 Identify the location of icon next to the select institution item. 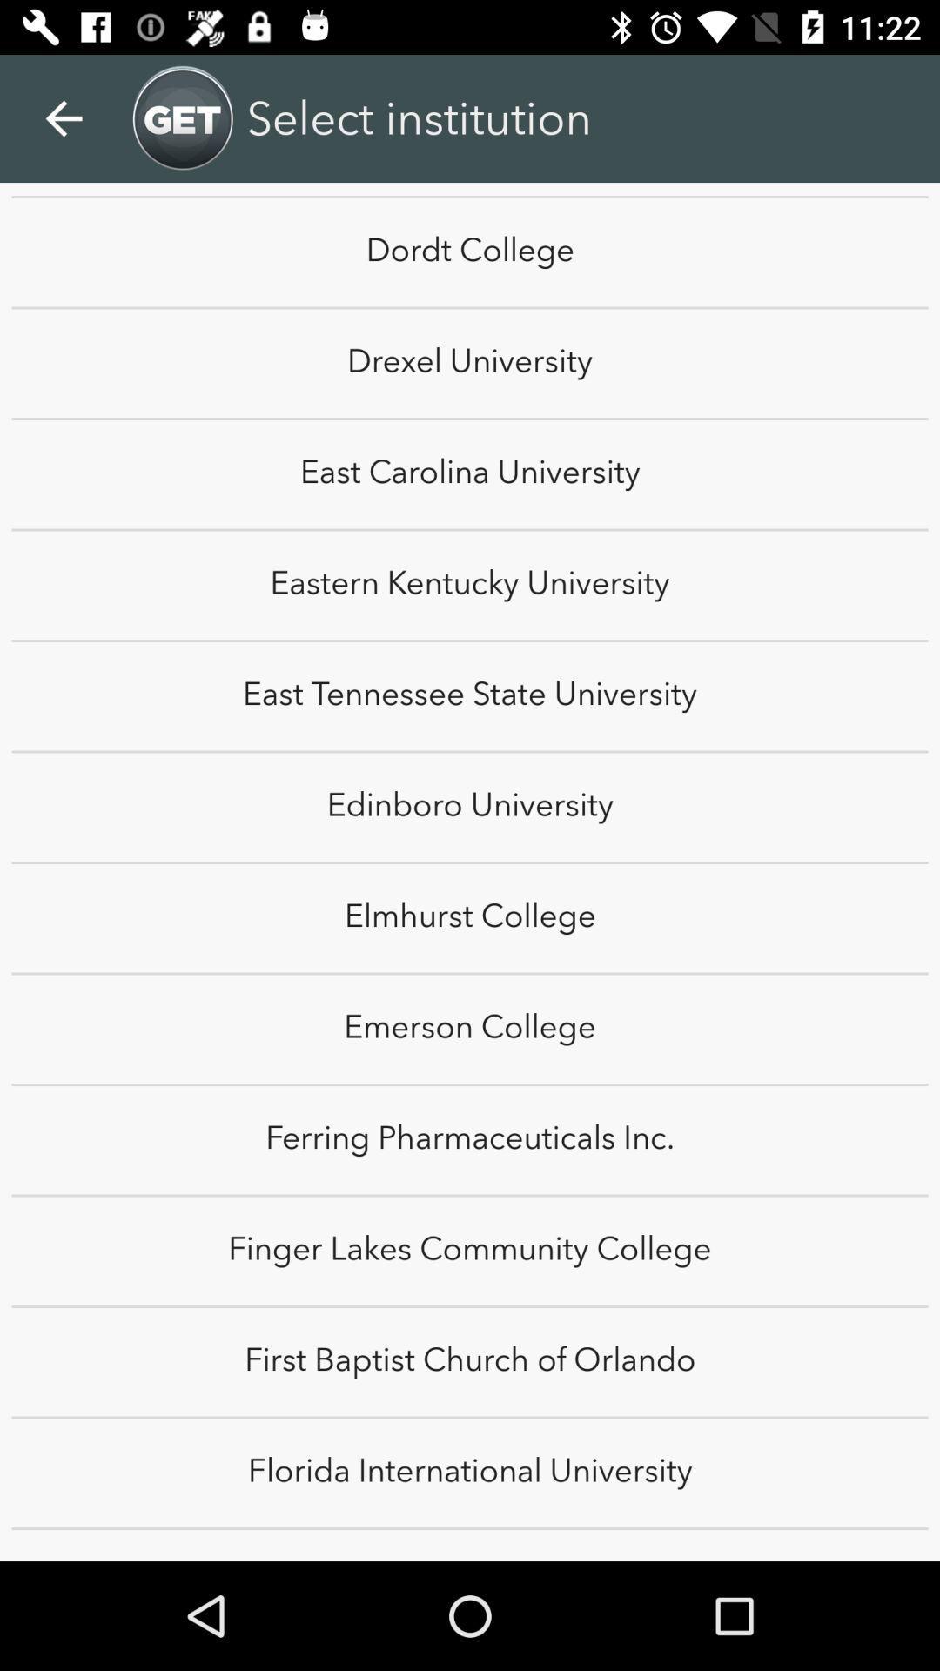
(894, 99).